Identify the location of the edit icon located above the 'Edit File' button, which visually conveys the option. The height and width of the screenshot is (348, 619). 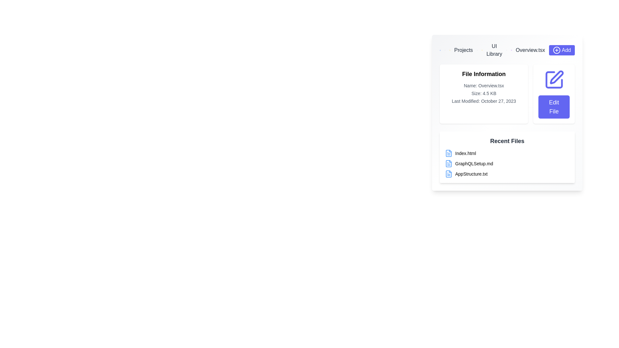
(554, 79).